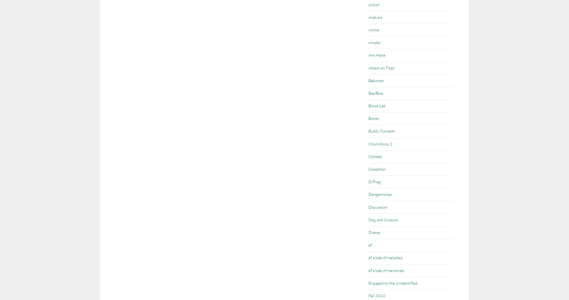 The height and width of the screenshot is (300, 569). Describe the element at coordinates (377, 206) in the screenshot. I see `'Discussion'` at that location.